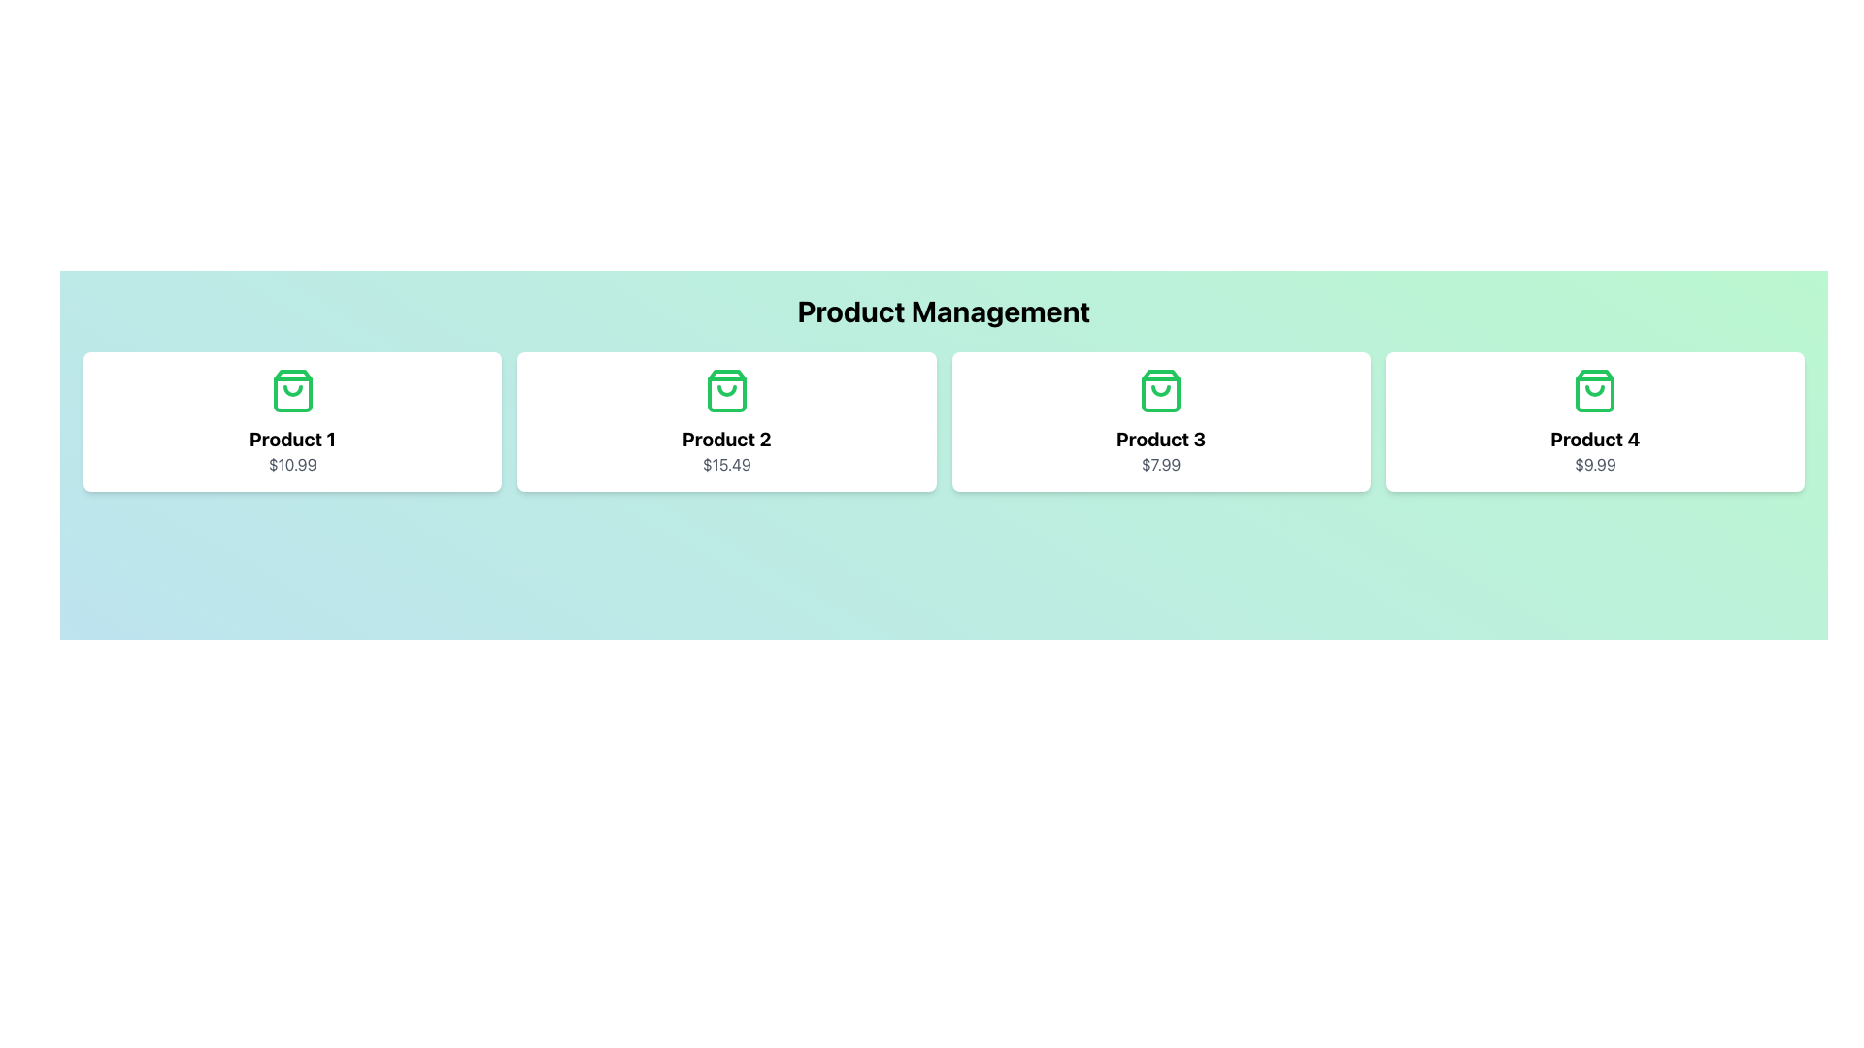  I want to click on the green shopping bag icon located at the top center of the 'Product 4' card, which is positioned directly above the '$9.99' text, so click(1595, 390).